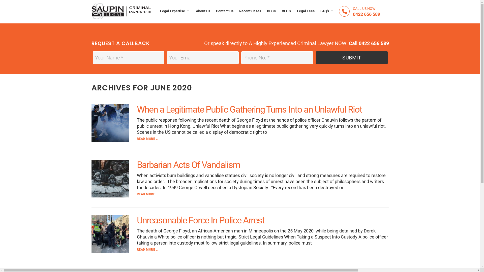 The height and width of the screenshot is (272, 484). I want to click on 'CRIMINAL DEFENCE LAWYERS IN PERTH', so click(121, 11).